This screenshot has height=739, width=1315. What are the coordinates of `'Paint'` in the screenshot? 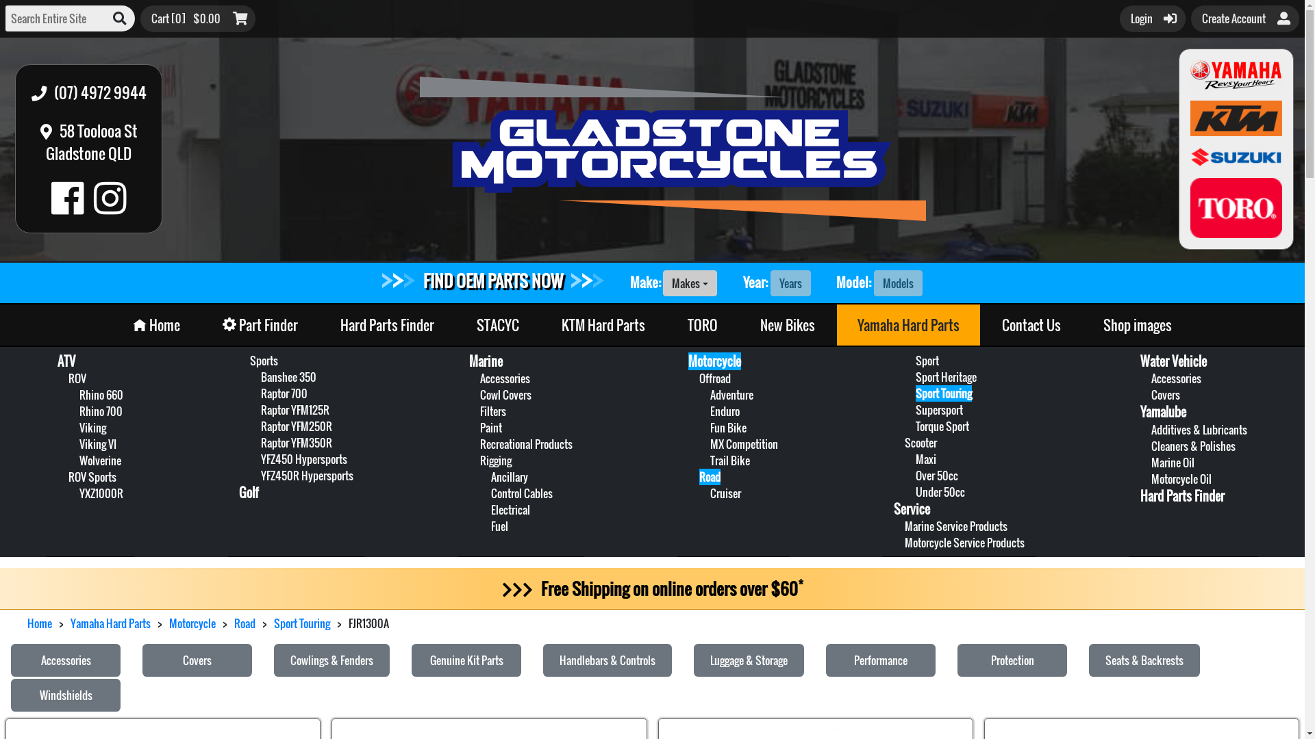 It's located at (490, 426).